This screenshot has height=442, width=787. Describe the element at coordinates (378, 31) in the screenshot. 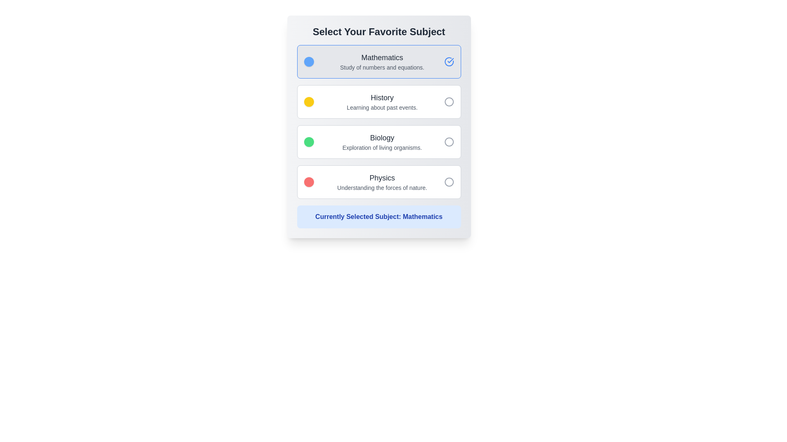

I see `the header text 'Select Your Favorite Subject' displayed in bold, large font at the top of the selection box` at that location.